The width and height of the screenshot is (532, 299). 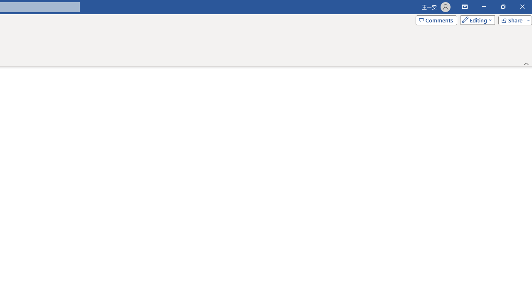 I want to click on 'Collapse the Ribbon', so click(x=526, y=63).